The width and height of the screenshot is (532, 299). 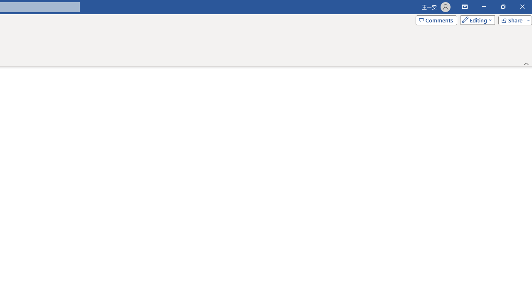 I want to click on 'Collapse the Ribbon', so click(x=526, y=63).